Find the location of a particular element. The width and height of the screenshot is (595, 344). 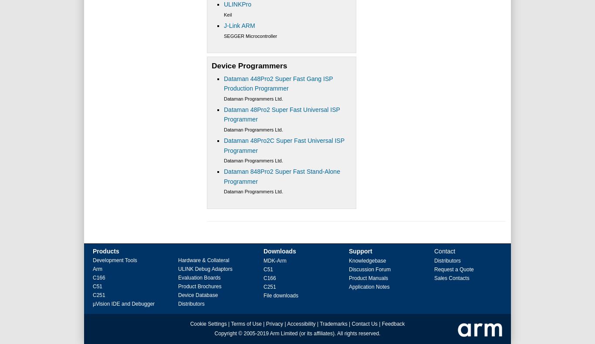

'Request a Quote' is located at coordinates (434, 269).